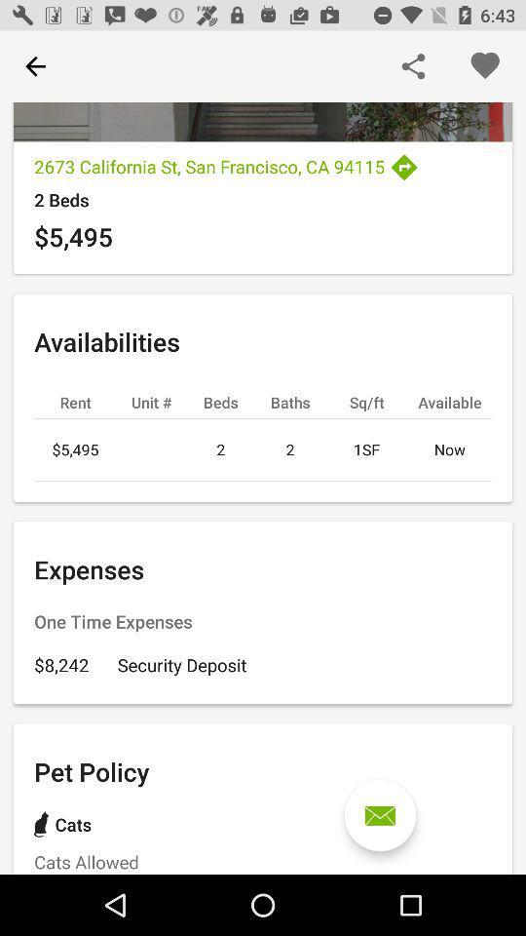 This screenshot has width=526, height=936. Describe the element at coordinates (35, 66) in the screenshot. I see `previous` at that location.